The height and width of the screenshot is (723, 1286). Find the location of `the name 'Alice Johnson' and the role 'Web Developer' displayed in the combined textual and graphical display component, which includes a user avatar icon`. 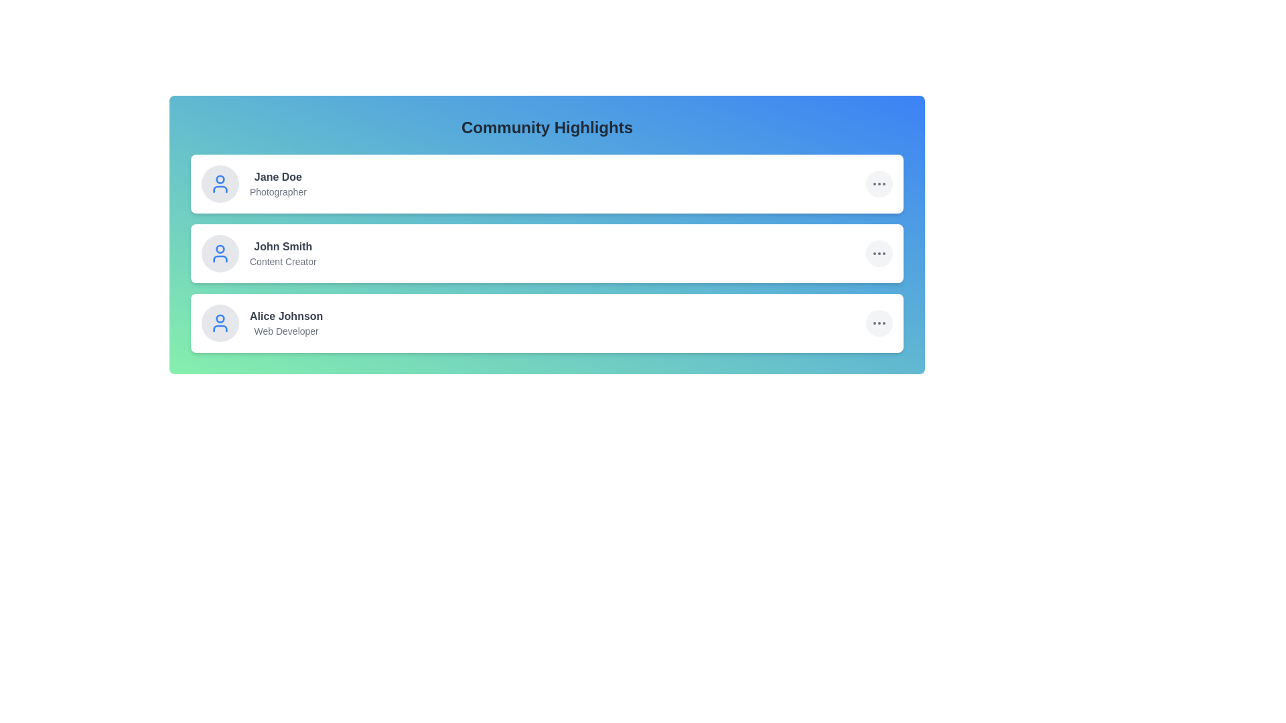

the name 'Alice Johnson' and the role 'Web Developer' displayed in the combined textual and graphical display component, which includes a user avatar icon is located at coordinates (262, 323).